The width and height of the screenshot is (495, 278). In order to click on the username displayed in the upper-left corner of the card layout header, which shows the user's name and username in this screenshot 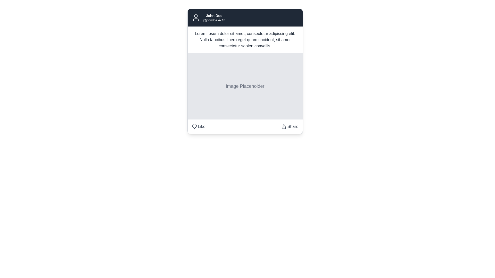, I will do `click(214, 18)`.